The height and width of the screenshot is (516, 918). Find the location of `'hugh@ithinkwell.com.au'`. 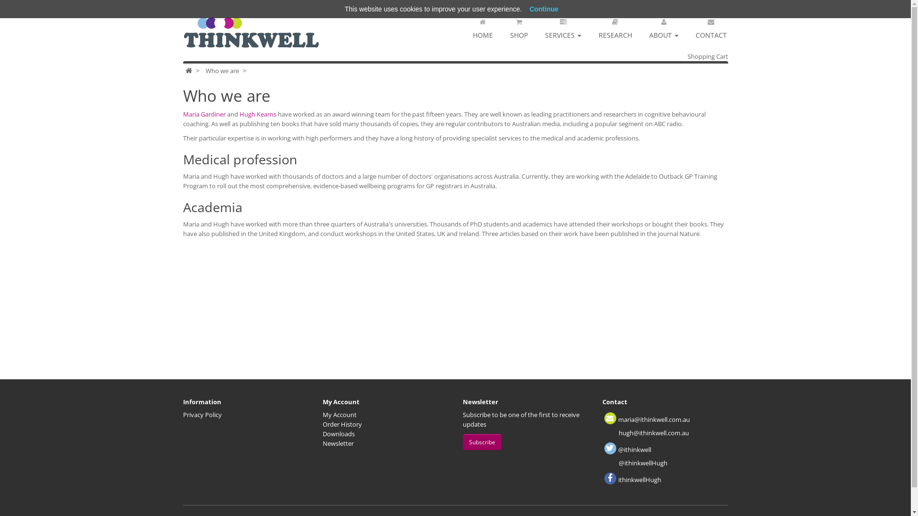

'hugh@ithinkwell.com.au' is located at coordinates (653, 433).